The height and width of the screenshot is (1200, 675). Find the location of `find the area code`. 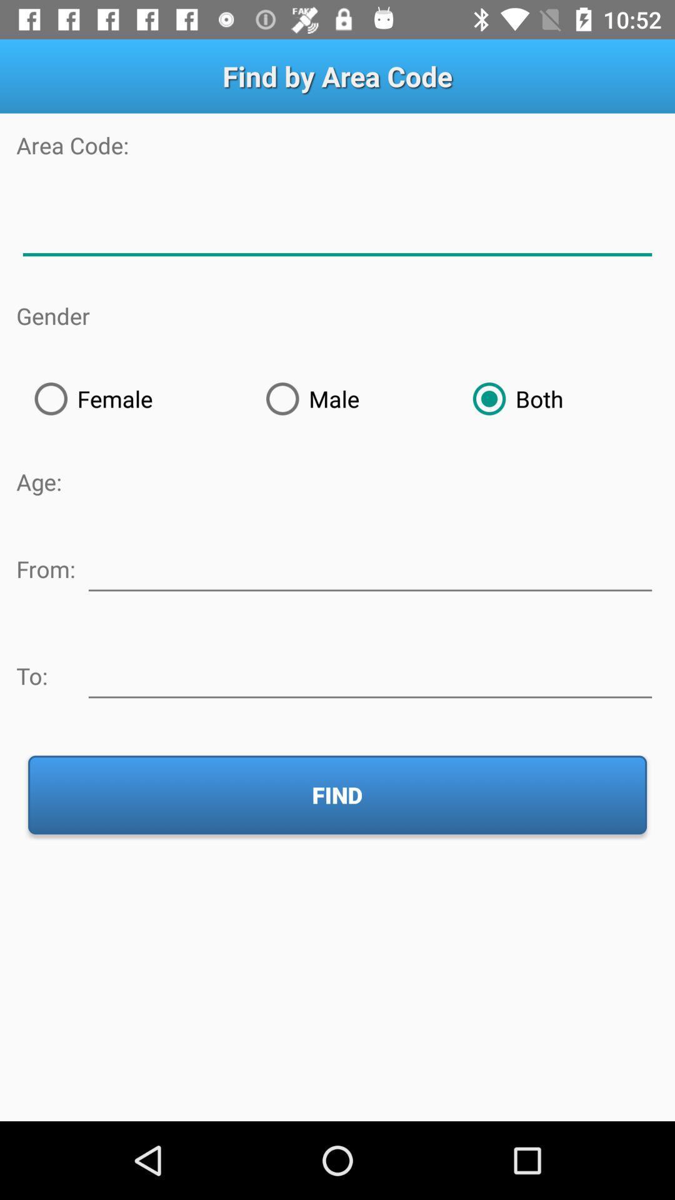

find the area code is located at coordinates (337, 231).